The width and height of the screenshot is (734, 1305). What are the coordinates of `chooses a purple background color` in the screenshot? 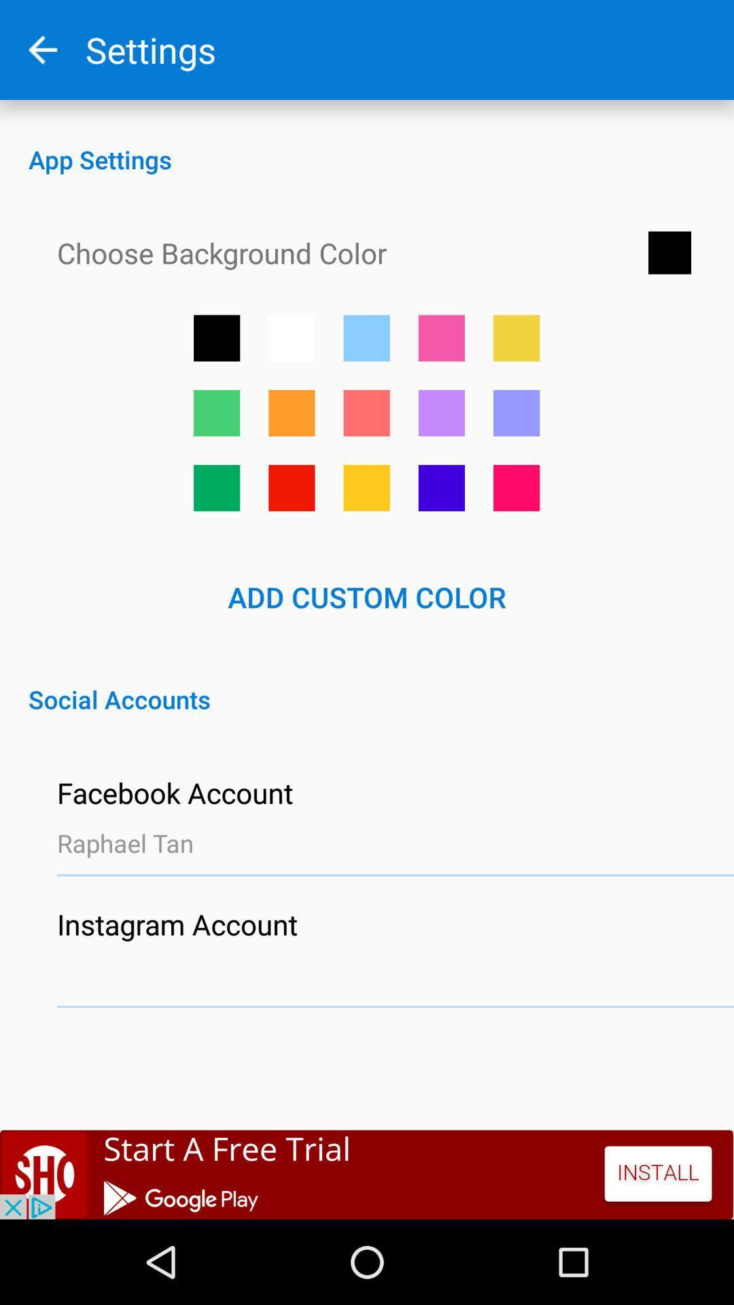 It's located at (441, 412).